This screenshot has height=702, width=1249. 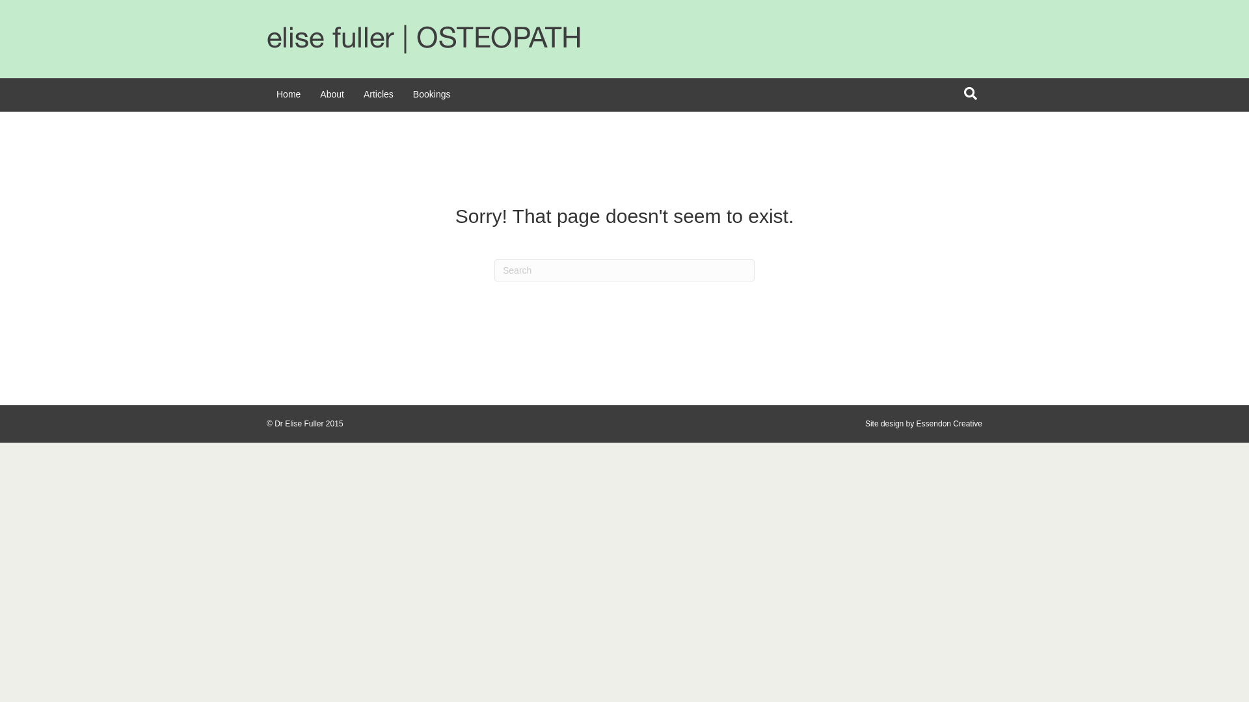 What do you see at coordinates (332, 94) in the screenshot?
I see `'About'` at bounding box center [332, 94].